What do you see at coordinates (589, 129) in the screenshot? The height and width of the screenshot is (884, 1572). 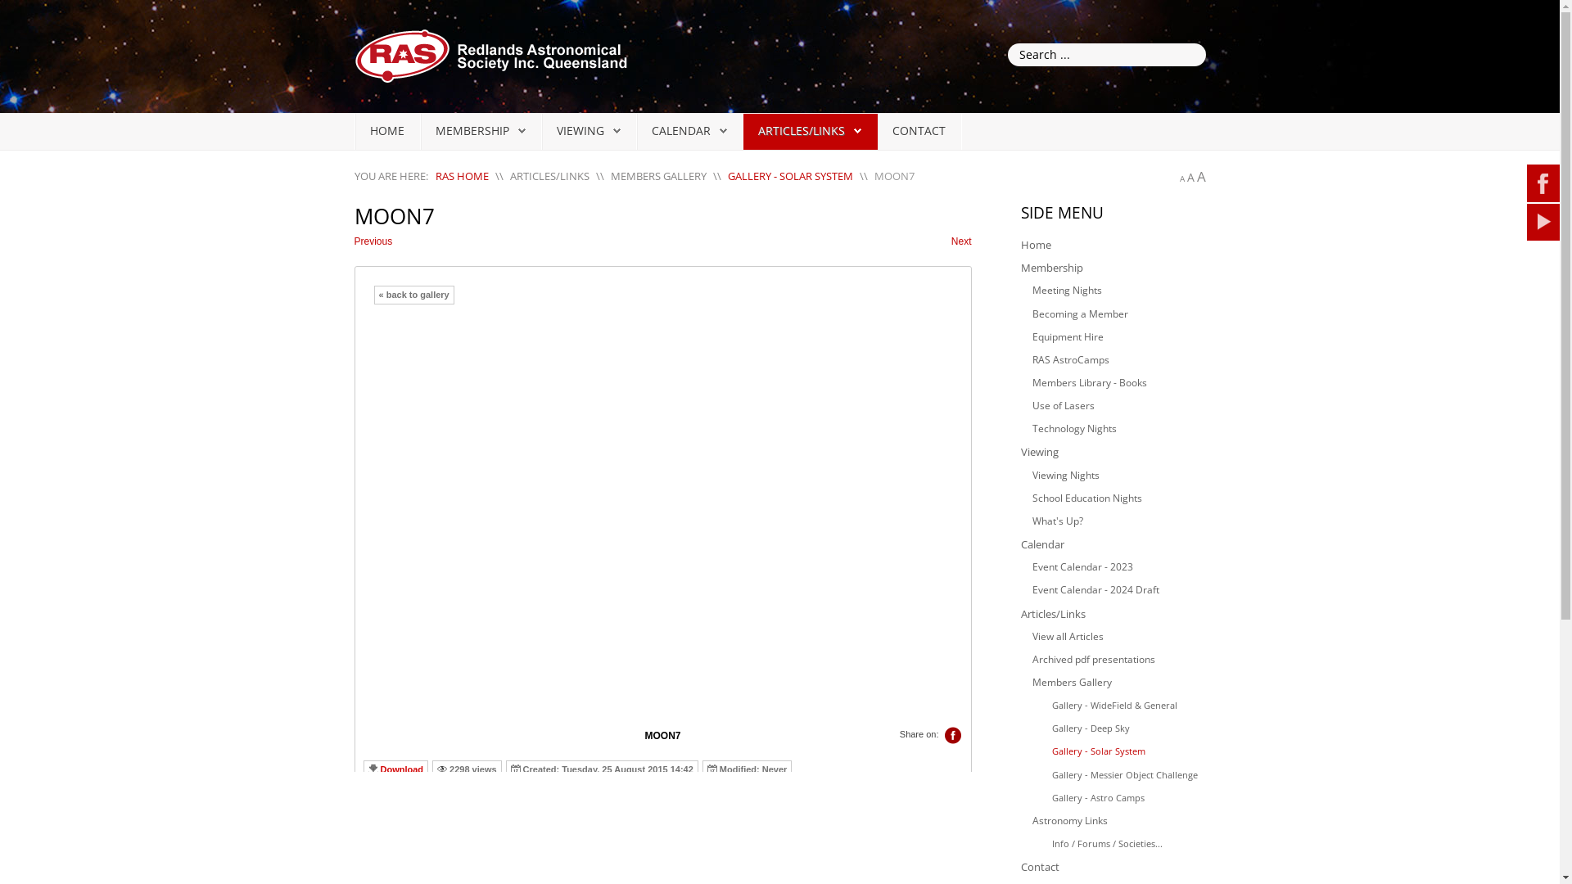 I see `'VIEWING'` at bounding box center [589, 129].